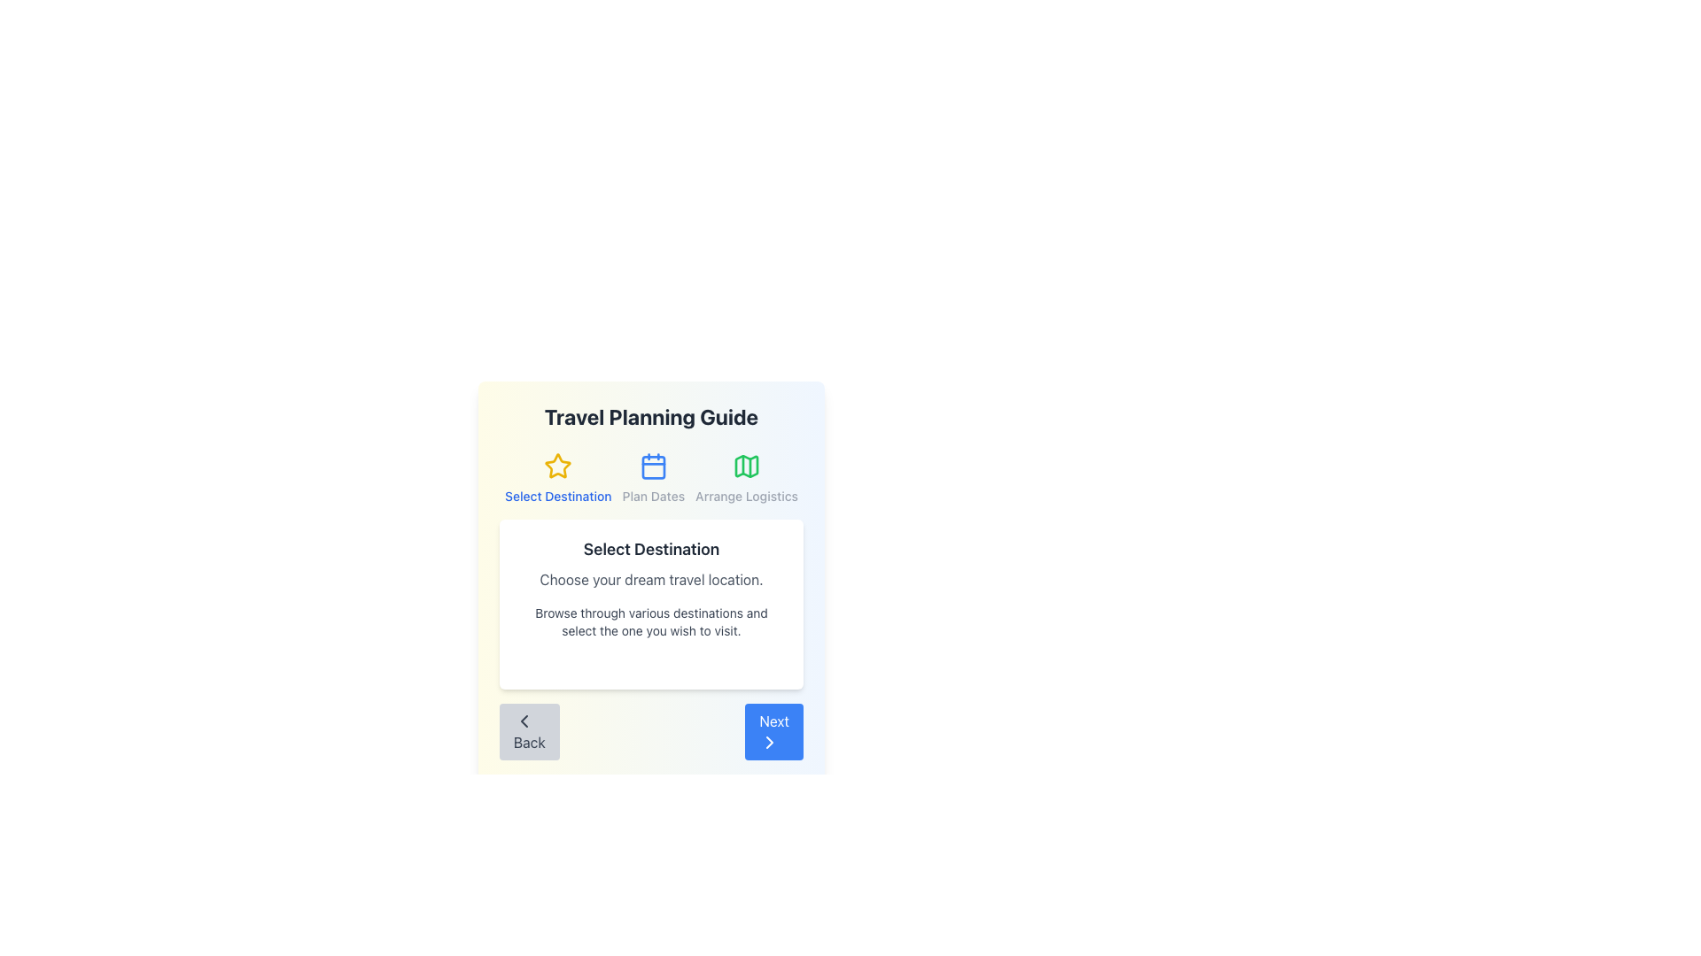 Image resolution: width=1701 pixels, height=956 pixels. What do you see at coordinates (652, 466) in the screenshot?
I see `the Decorative SVG element that is part of the calendar icon, located centrally in the top section of the interface between the star icon and the map icon` at bounding box center [652, 466].